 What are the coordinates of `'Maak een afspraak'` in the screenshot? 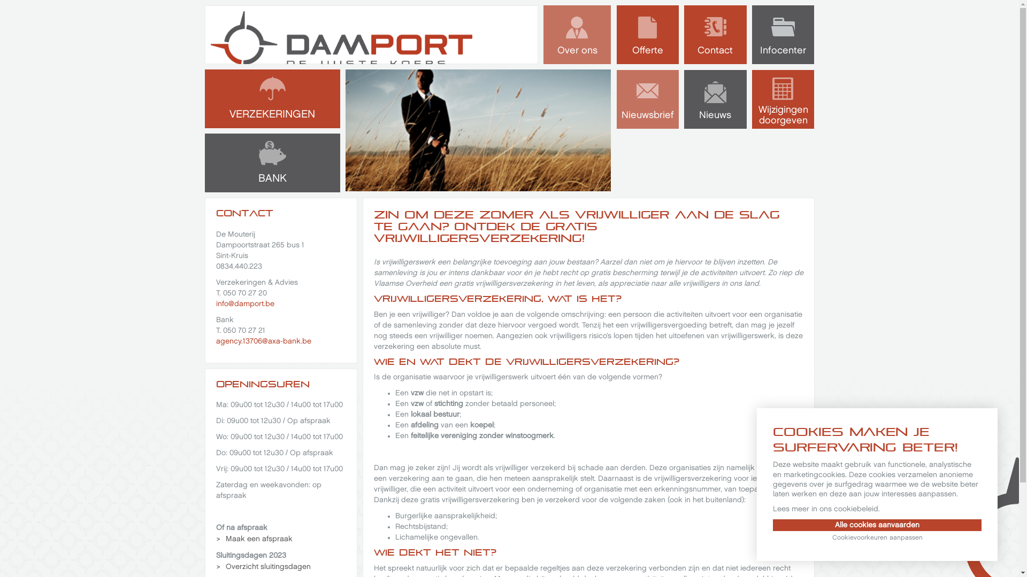 It's located at (254, 539).